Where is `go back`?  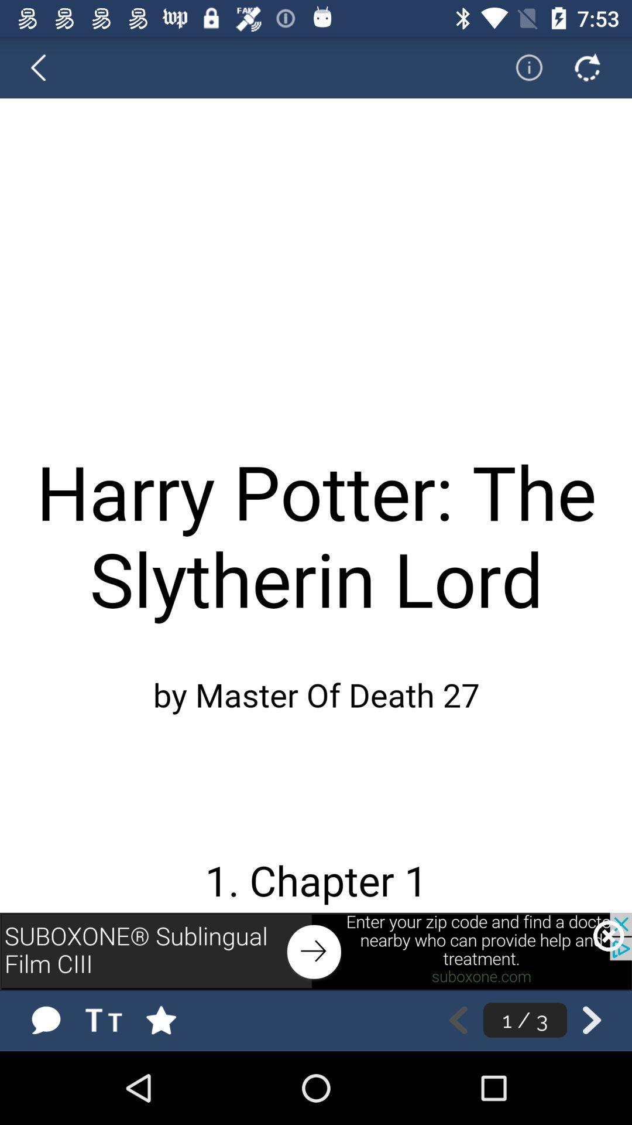 go back is located at coordinates (458, 1020).